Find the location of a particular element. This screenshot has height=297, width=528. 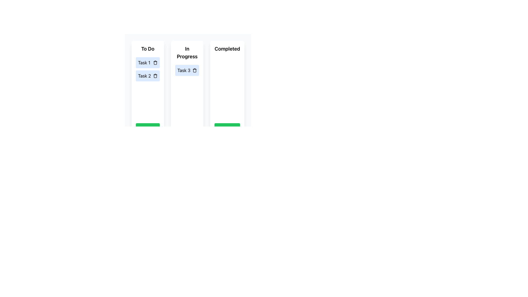

text from the 'In Progress.' text label, which is styled with a bold font and large size, positioned at the top of the card-like component is located at coordinates (187, 53).